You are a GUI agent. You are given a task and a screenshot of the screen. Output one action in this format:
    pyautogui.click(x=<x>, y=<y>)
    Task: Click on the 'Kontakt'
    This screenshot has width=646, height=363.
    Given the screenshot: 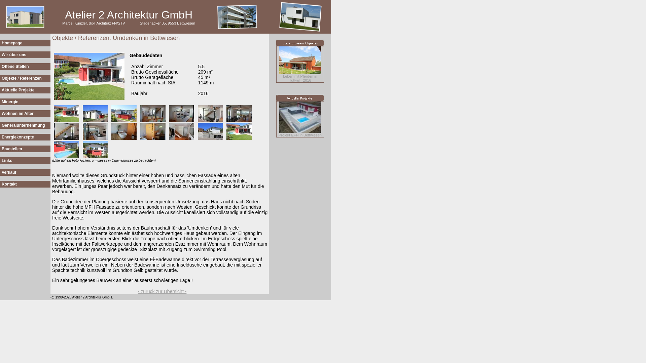 What is the action you would take?
    pyautogui.click(x=9, y=184)
    